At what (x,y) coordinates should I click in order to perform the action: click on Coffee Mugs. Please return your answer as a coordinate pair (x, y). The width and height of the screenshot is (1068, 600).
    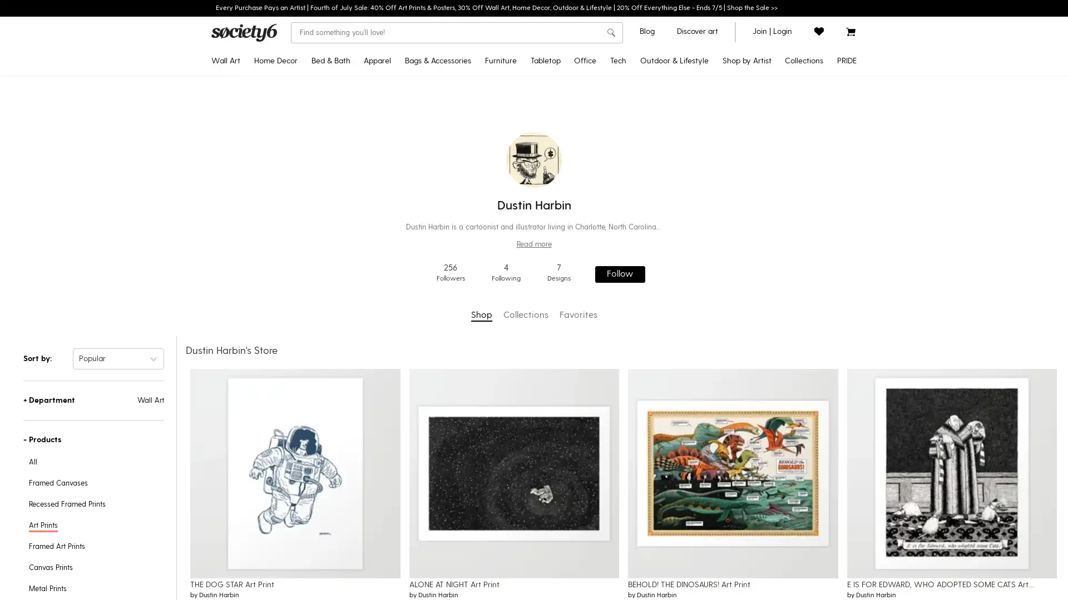
    Looking at the image, I should click on (566, 89).